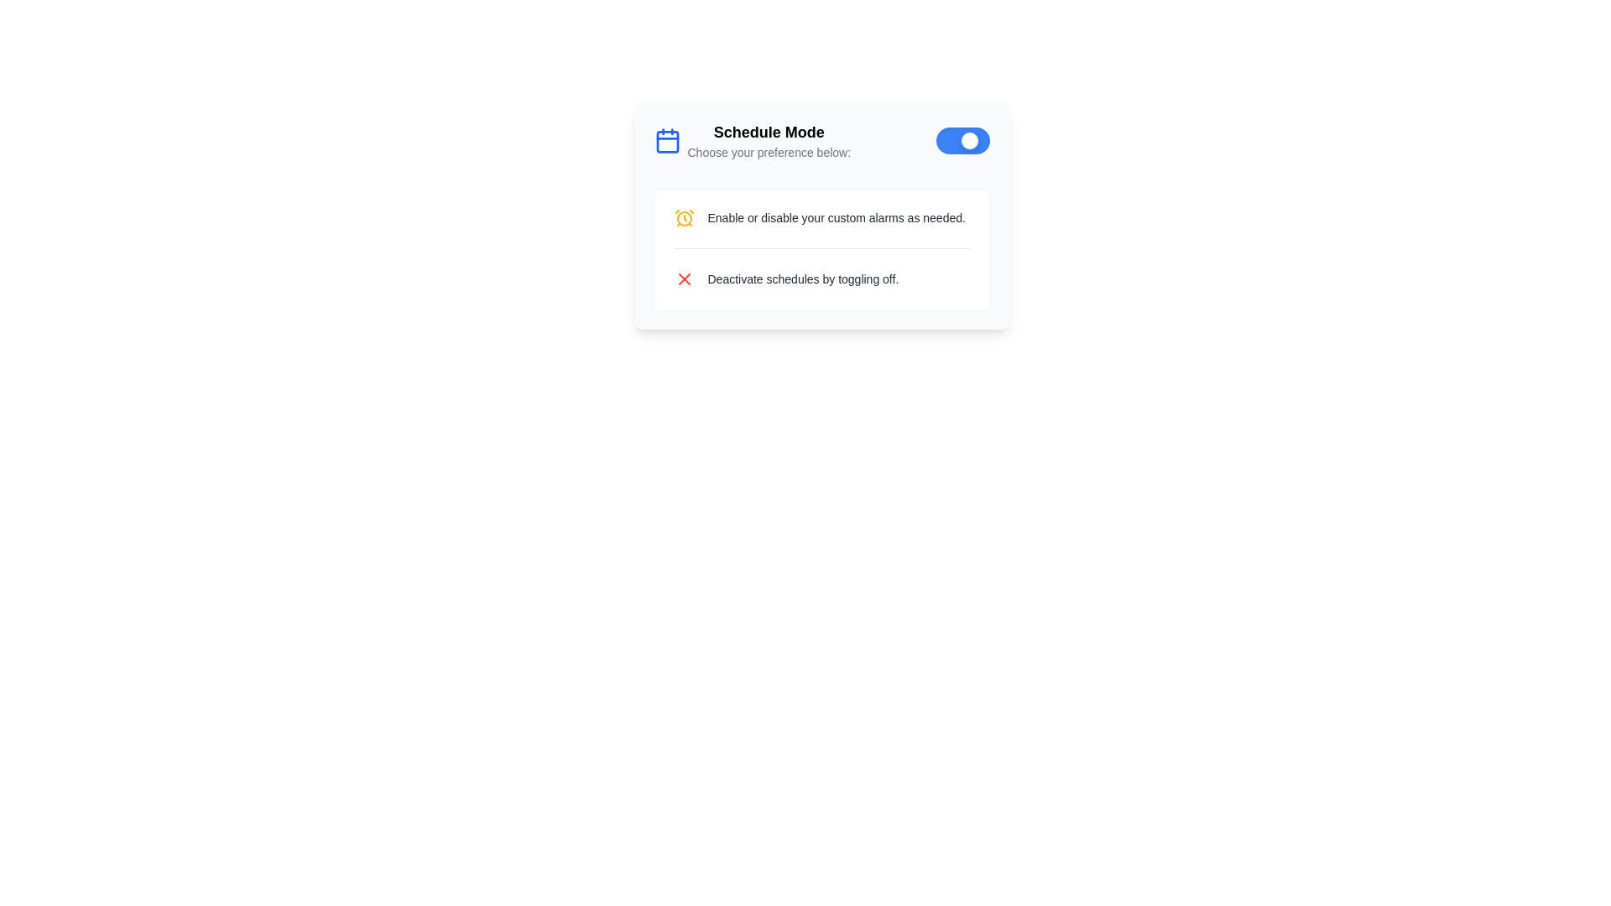 The width and height of the screenshot is (1611, 906). I want to click on the square icon with curved corners located near the center of the calendar icon in the 'Schedule Mode' section, so click(666, 141).